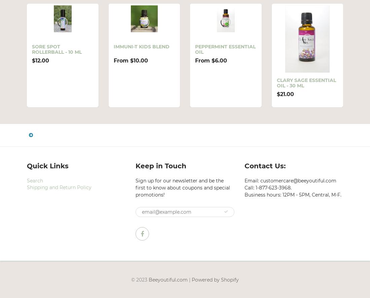 Image resolution: width=370 pixels, height=298 pixels. I want to click on 'Sign up for our newsletter and be the first to know about coupons and special promotions!', so click(183, 187).